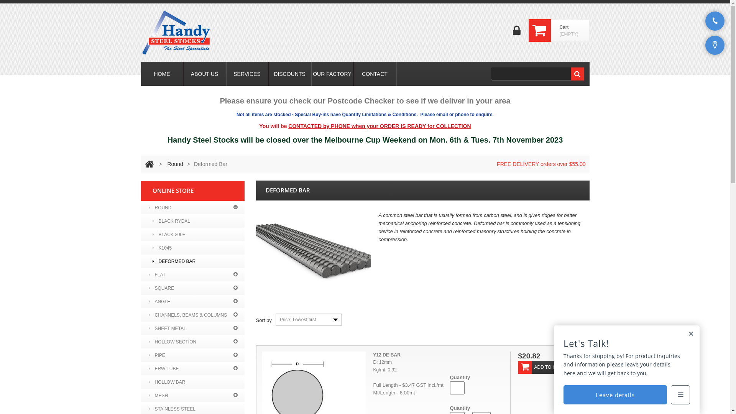 Image resolution: width=736 pixels, height=414 pixels. What do you see at coordinates (145, 164) in the screenshot?
I see `'Return to Home'` at bounding box center [145, 164].